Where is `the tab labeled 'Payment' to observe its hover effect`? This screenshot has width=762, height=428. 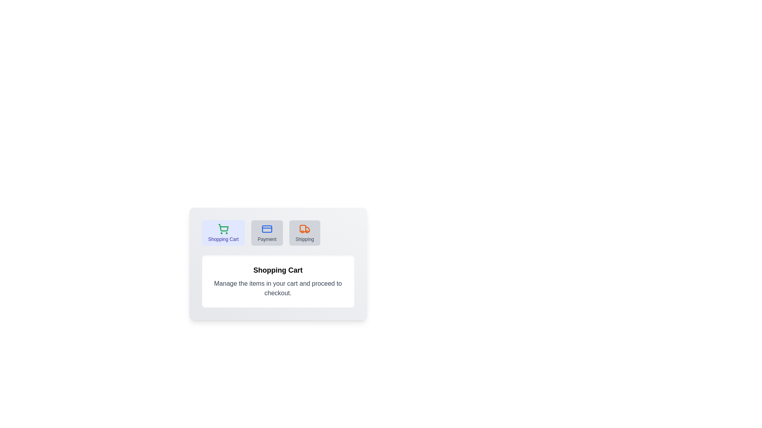
the tab labeled 'Payment' to observe its hover effect is located at coordinates (267, 232).